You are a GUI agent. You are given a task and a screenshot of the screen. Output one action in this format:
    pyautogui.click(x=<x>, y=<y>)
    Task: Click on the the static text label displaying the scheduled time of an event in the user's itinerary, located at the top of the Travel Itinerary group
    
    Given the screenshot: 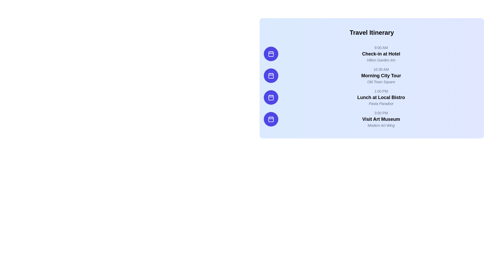 What is the action you would take?
    pyautogui.click(x=381, y=48)
    